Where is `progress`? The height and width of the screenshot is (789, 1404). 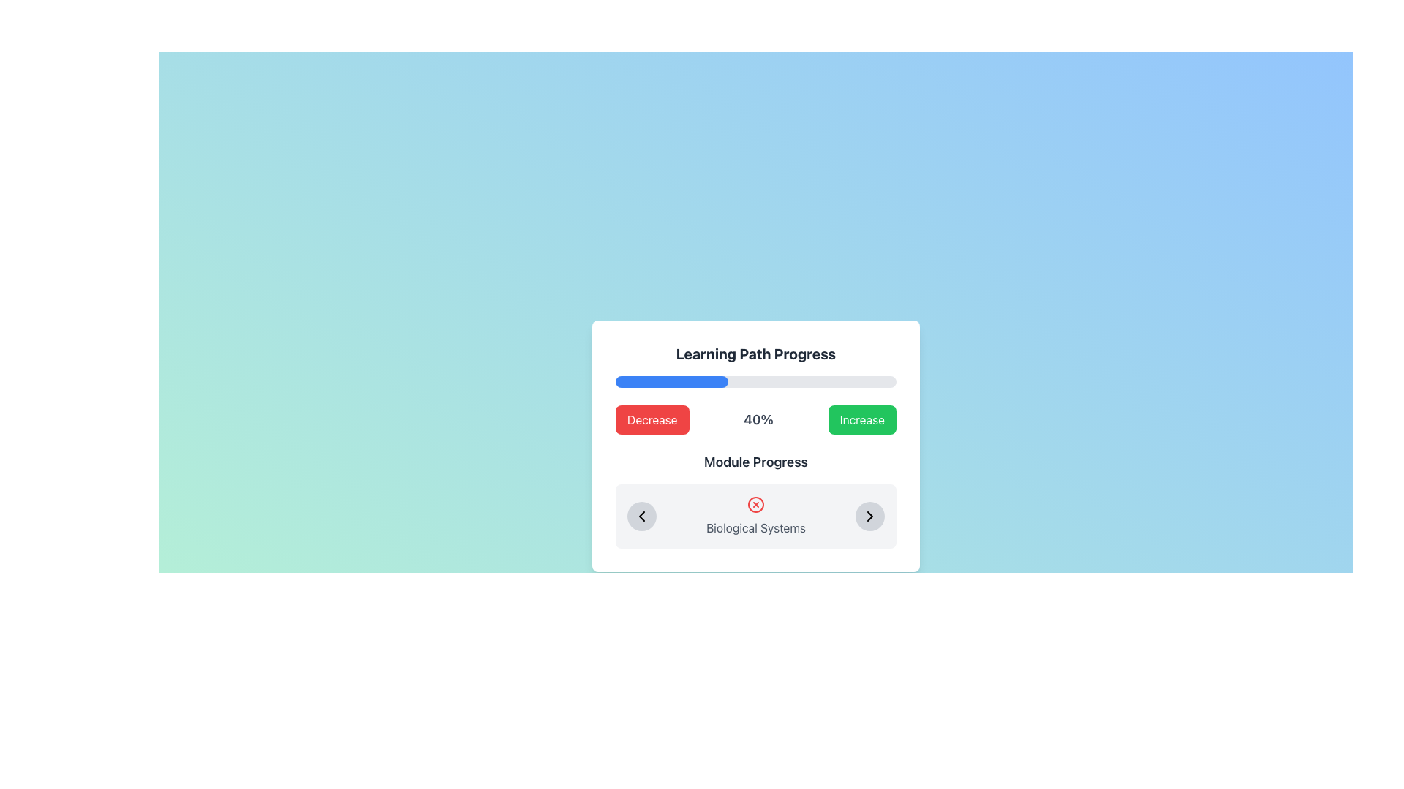 progress is located at coordinates (777, 381).